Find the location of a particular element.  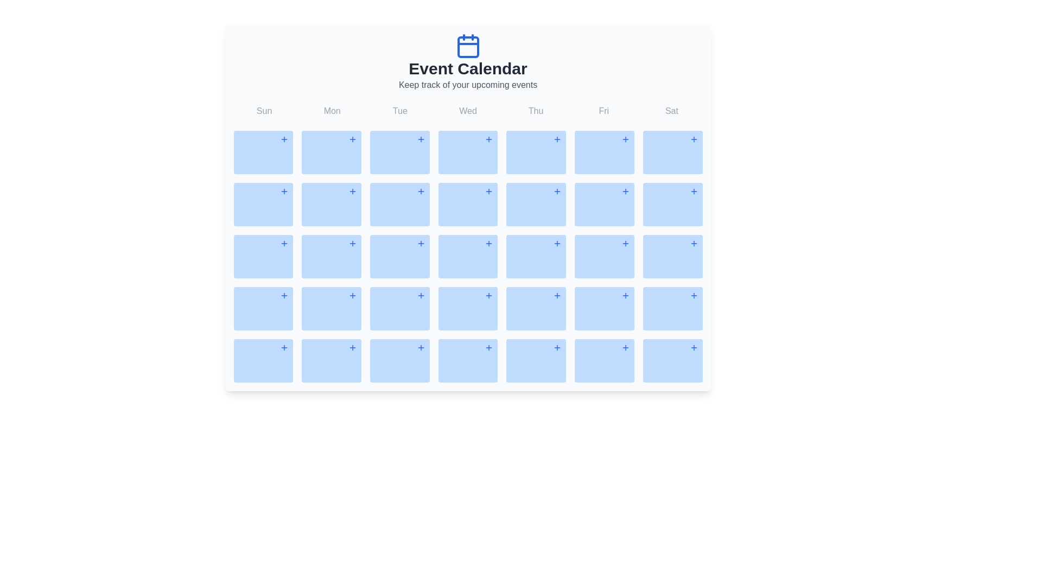

the blue '+' icon button located in the top-right corner of the calendar day cell in the second row and first column is located at coordinates (284, 243).